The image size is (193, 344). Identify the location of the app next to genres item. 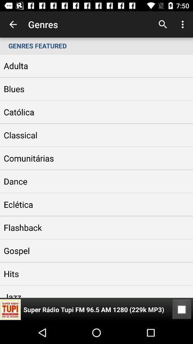
(163, 24).